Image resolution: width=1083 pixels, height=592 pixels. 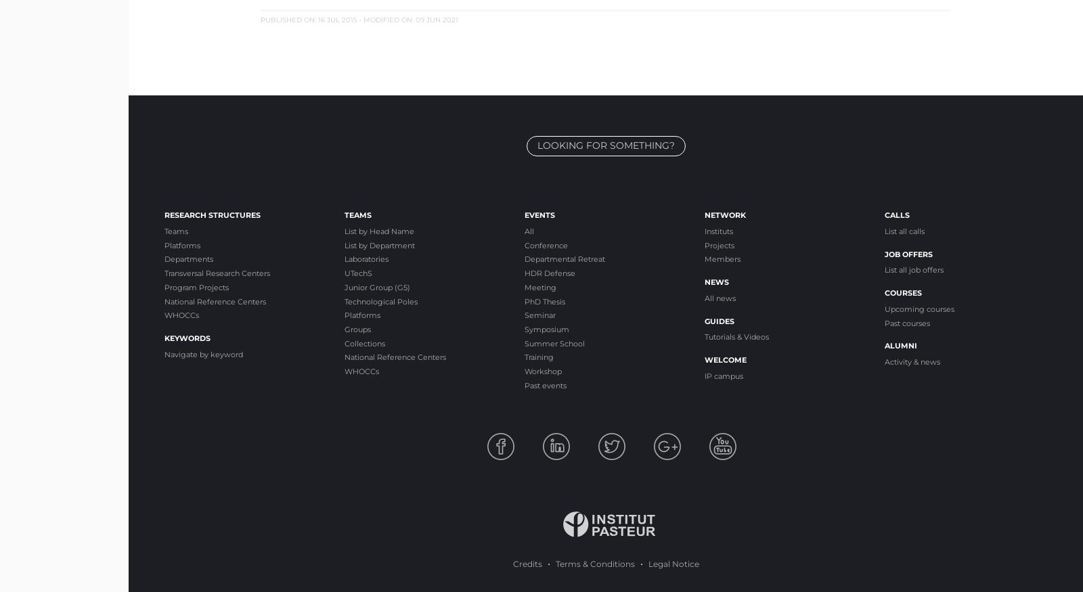 I want to click on 'Coordinated by Nathalie de Parseval', so click(x=294, y=143).